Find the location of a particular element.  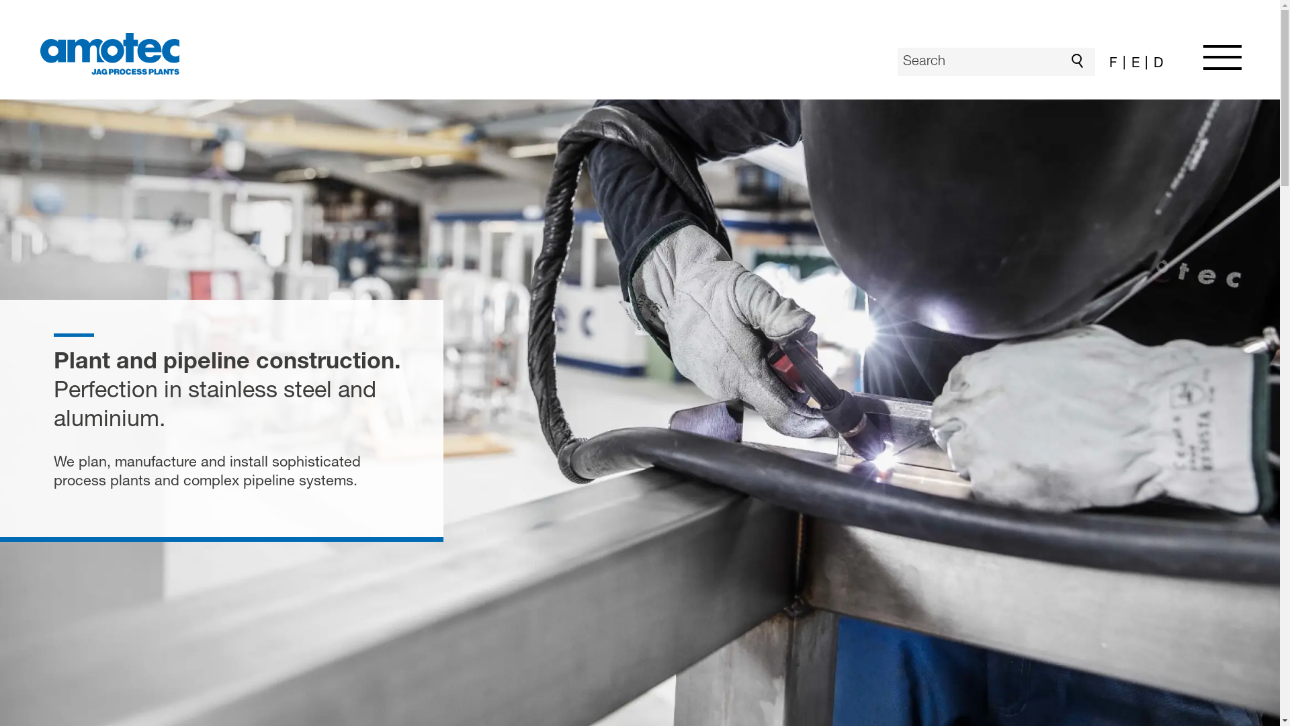

'D' is located at coordinates (1141, 65).